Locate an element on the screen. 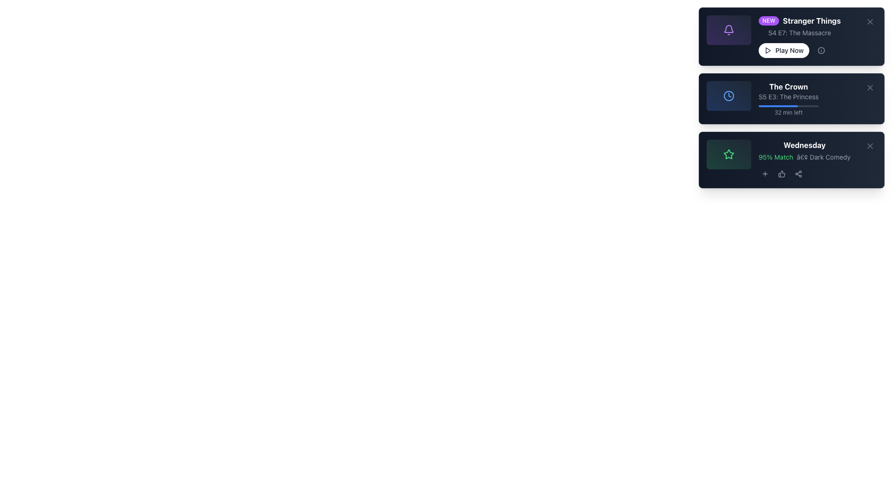  the sharing icon, which is a graphical representation with three interconnected circles forming a triangular layout, located at the bottom-right corner of the 'Wednesday' content card is located at coordinates (798, 173).